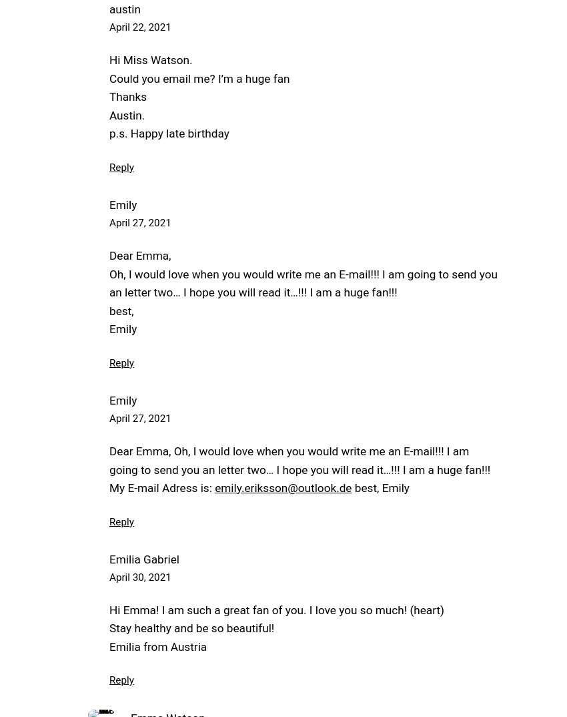 This screenshot has height=717, width=567. What do you see at coordinates (276, 609) in the screenshot?
I see `'Hi Emma! I am such a great fan of you. I love you so much! (heart)'` at bounding box center [276, 609].